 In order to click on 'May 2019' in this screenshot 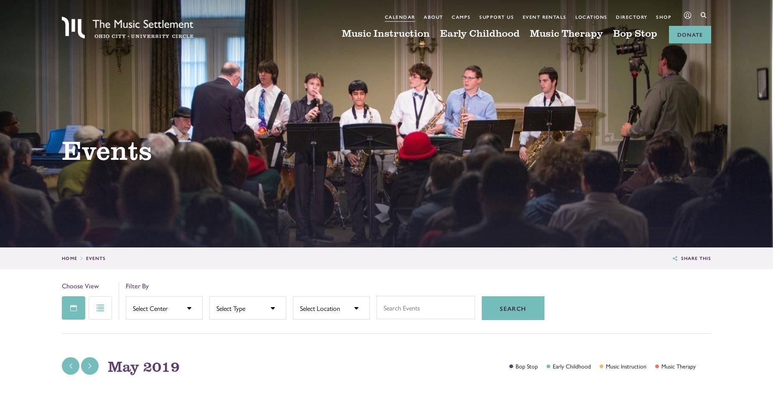, I will do `click(143, 366)`.